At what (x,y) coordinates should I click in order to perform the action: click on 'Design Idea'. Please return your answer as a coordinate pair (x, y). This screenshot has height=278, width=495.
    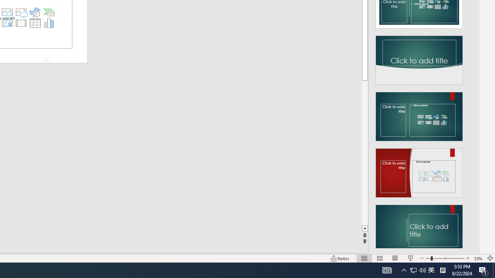
    Looking at the image, I should click on (419, 226).